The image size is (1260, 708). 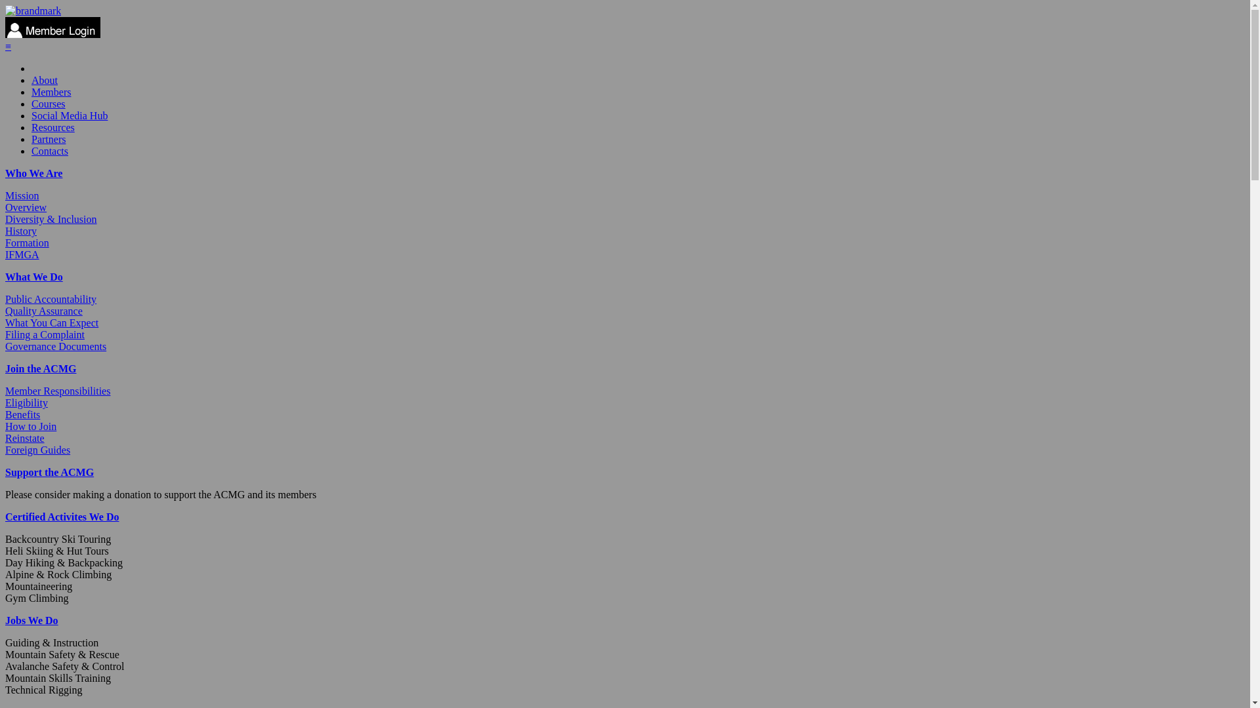 I want to click on 'About', so click(x=44, y=80).